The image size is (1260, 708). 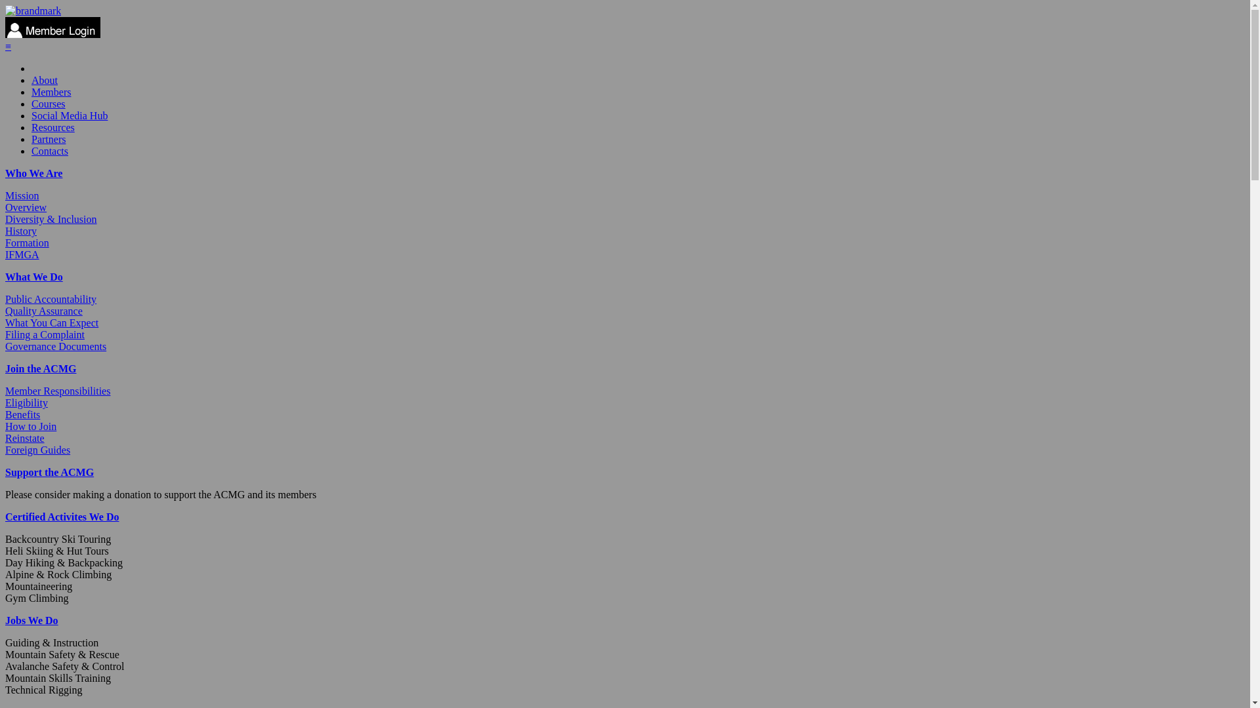 I want to click on 'About', so click(x=44, y=80).